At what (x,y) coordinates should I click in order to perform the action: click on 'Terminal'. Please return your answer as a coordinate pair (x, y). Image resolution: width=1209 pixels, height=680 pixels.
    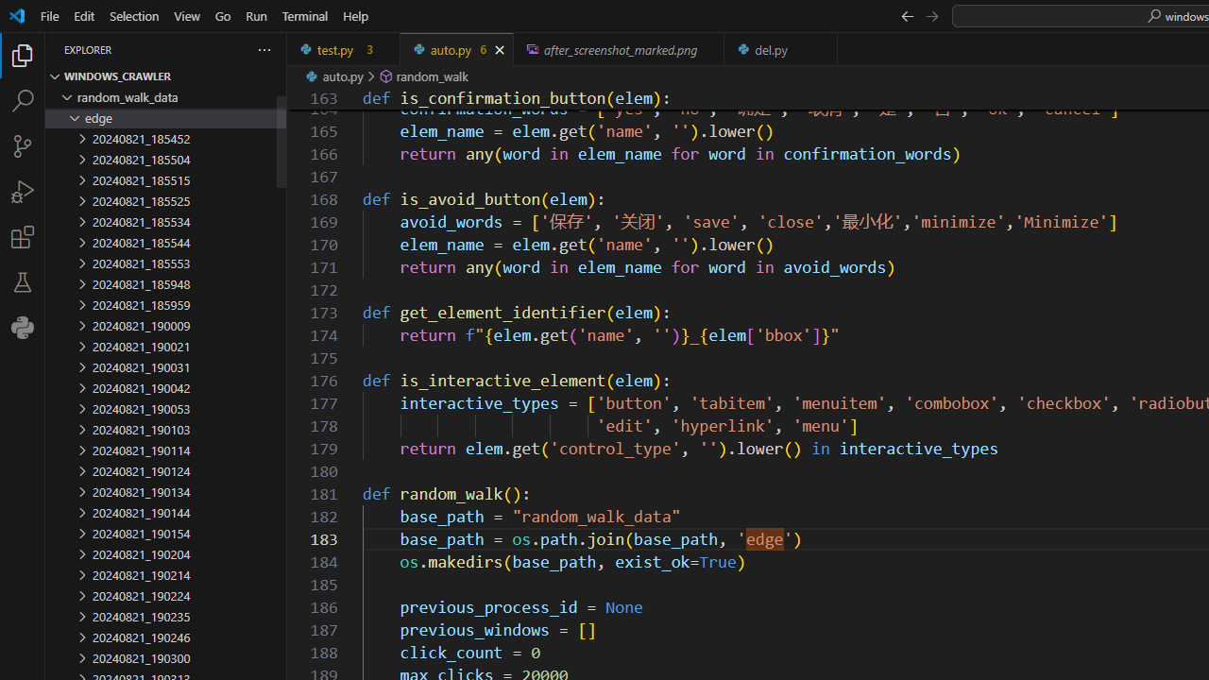
    Looking at the image, I should click on (305, 15).